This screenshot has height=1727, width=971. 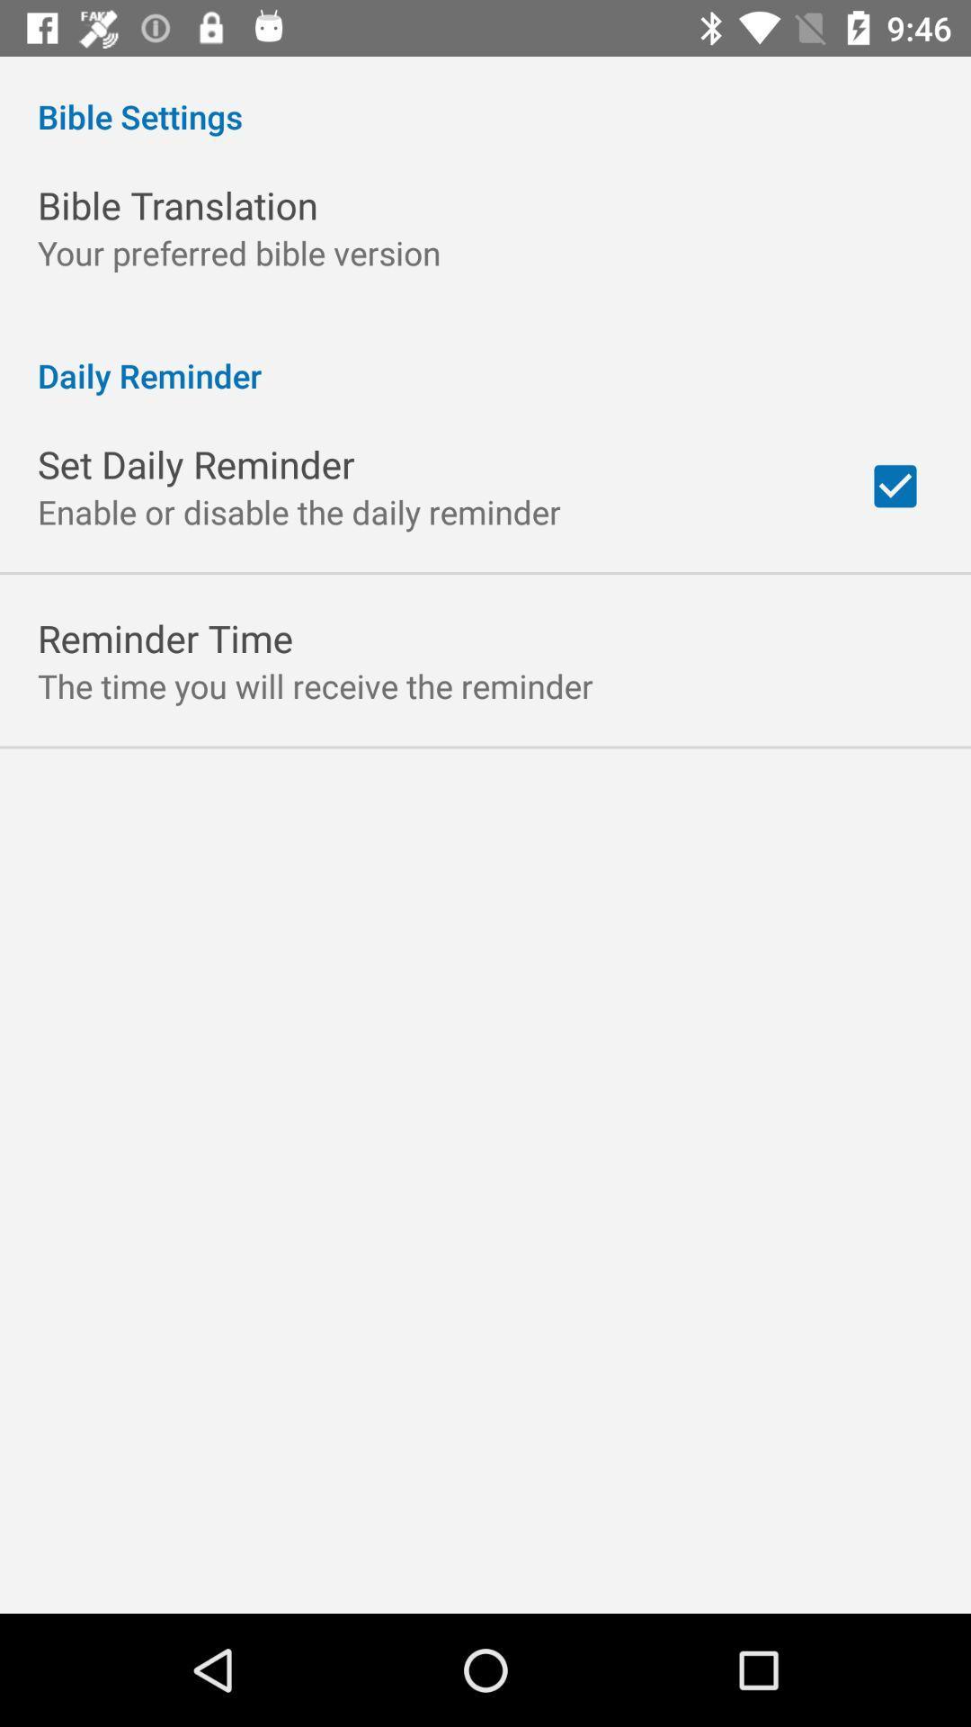 I want to click on the time you icon, so click(x=315, y=685).